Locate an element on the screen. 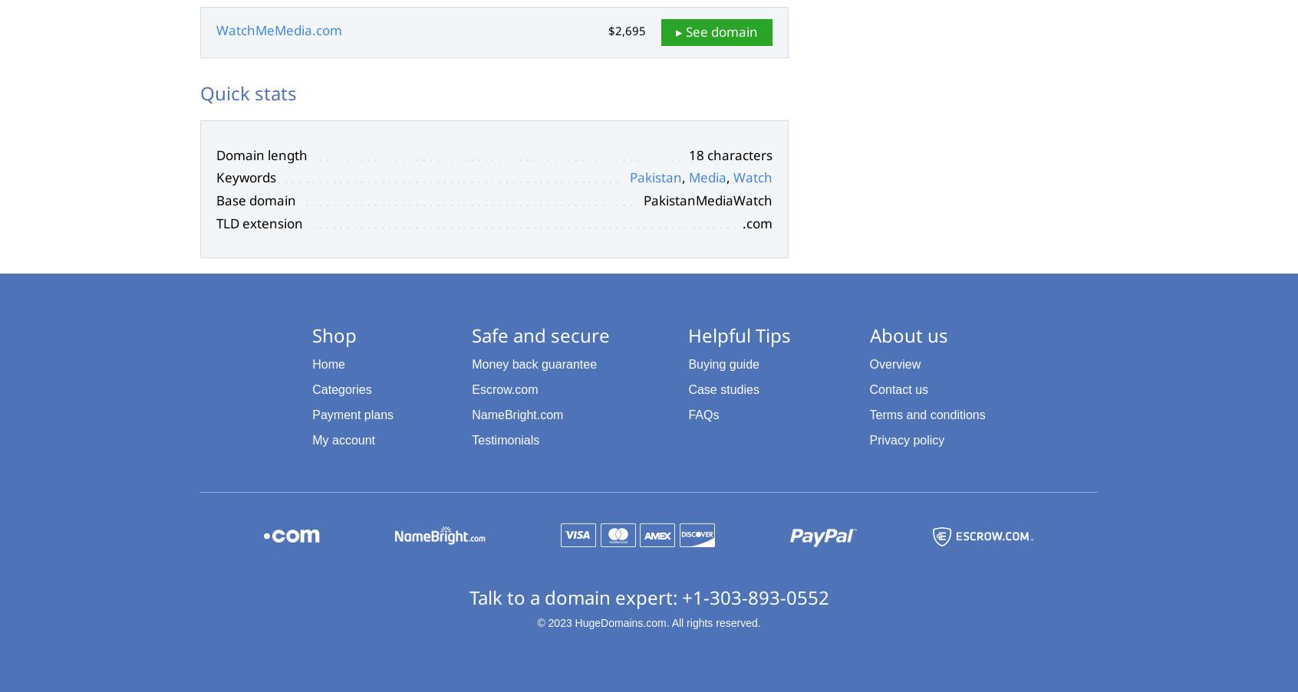 The width and height of the screenshot is (1298, 692). '▸ See domain' is located at coordinates (717, 31).